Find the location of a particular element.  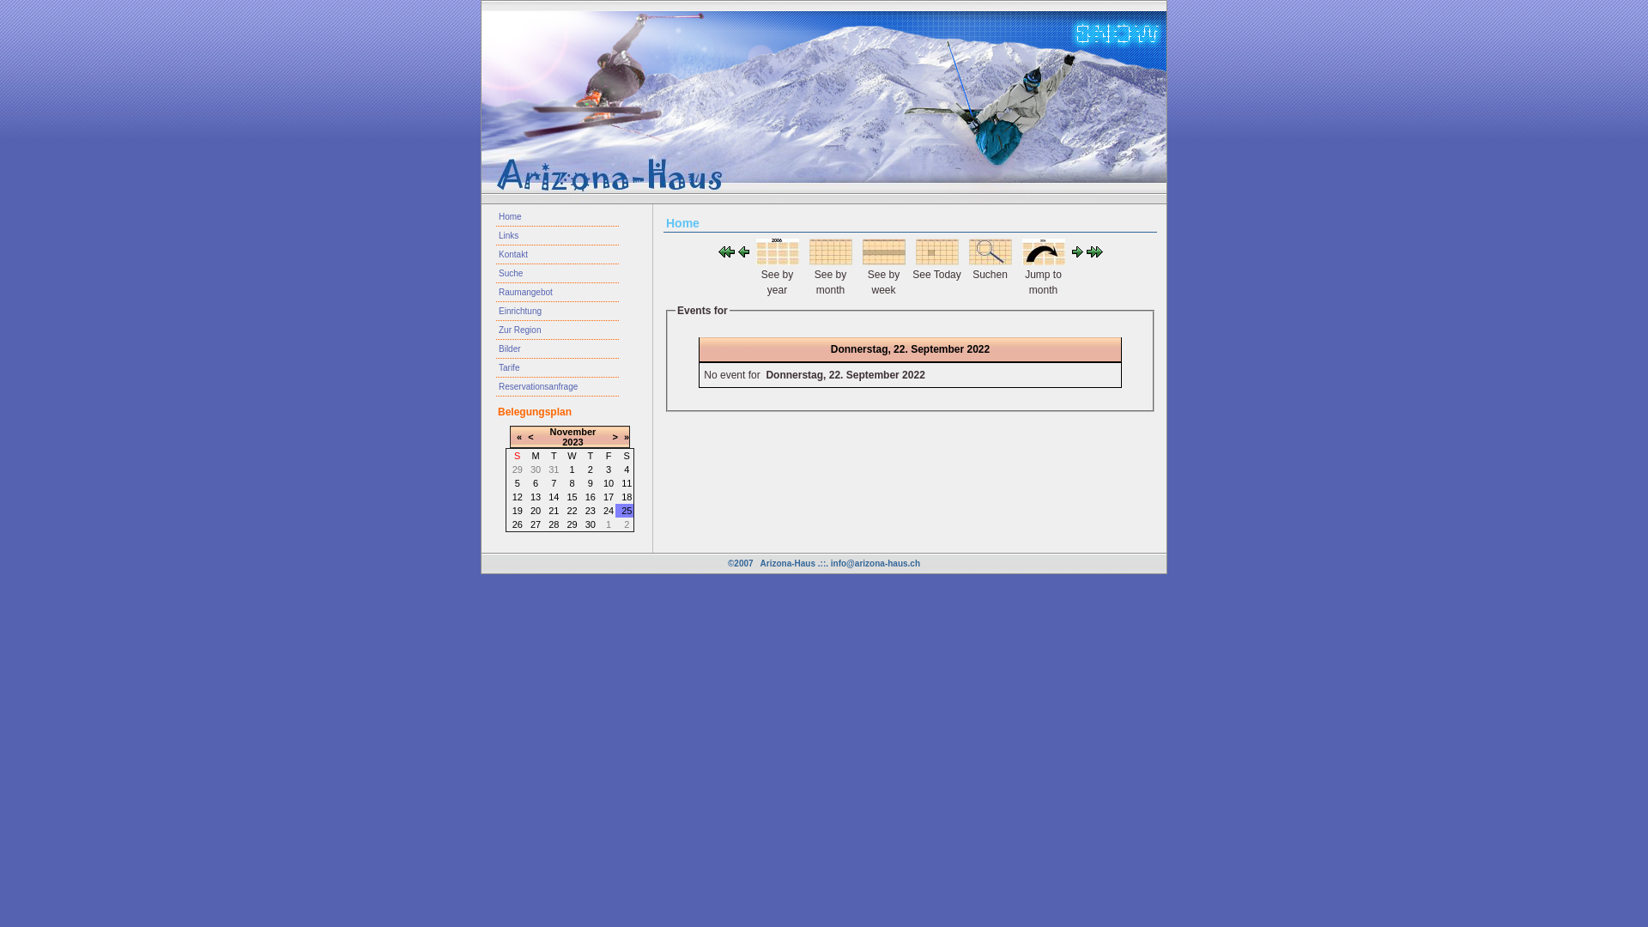

'12' is located at coordinates (517, 496).